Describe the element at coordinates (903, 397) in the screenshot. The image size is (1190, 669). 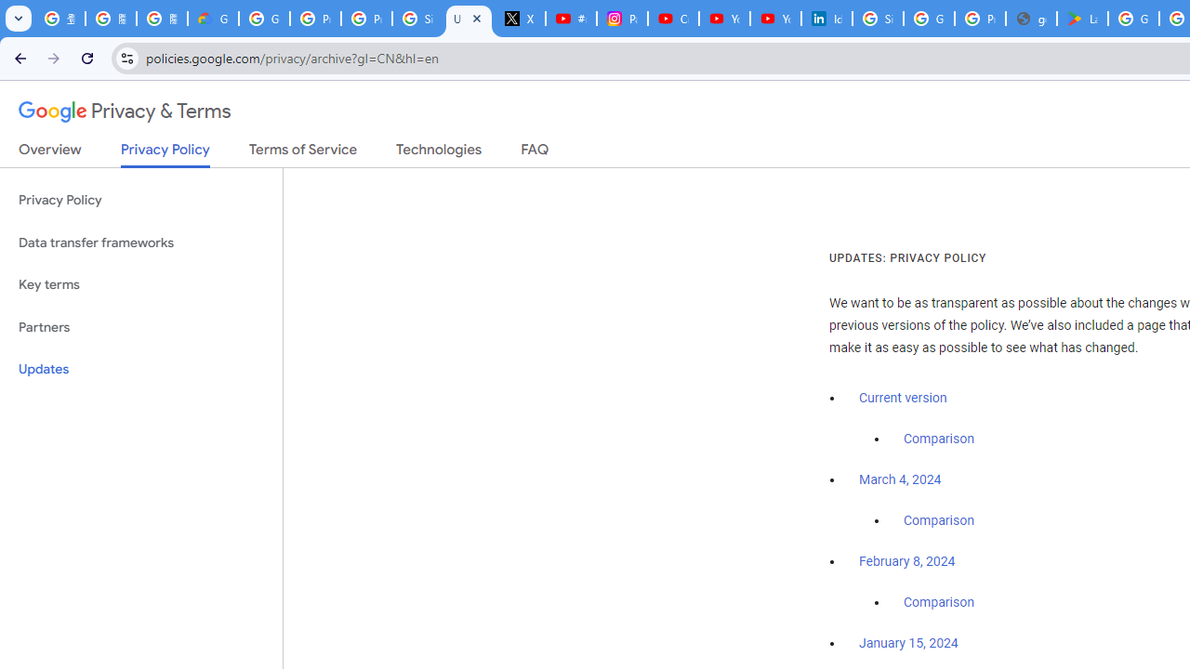
I see `'Current version'` at that location.